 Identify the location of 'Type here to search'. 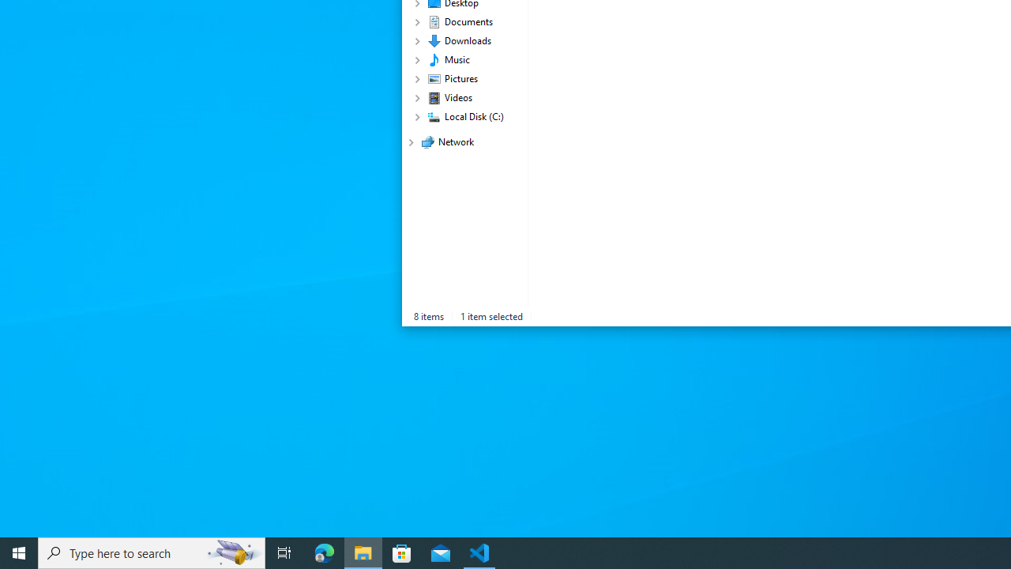
(152, 552).